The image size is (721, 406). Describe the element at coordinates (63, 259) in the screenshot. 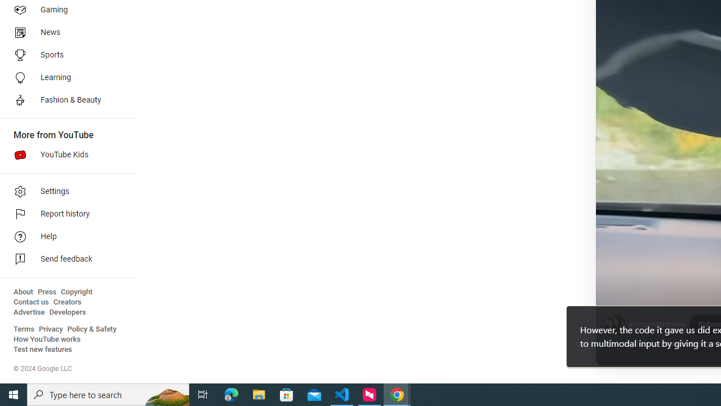

I see `'Send feedback'` at that location.